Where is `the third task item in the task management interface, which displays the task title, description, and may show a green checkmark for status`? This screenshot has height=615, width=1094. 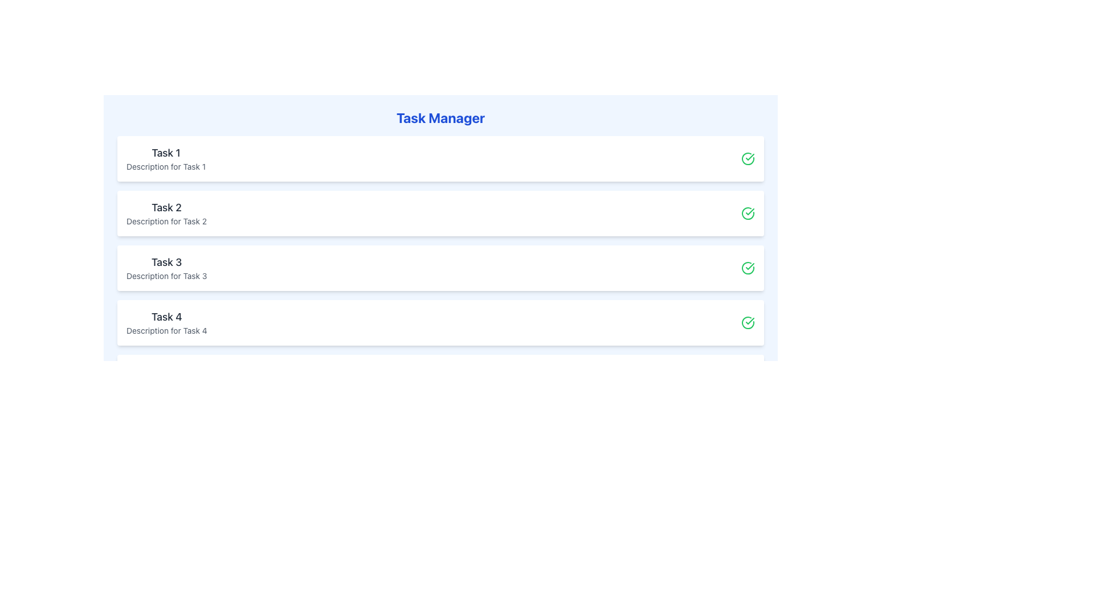 the third task item in the task management interface, which displays the task title, description, and may show a green checkmark for status is located at coordinates (440, 268).